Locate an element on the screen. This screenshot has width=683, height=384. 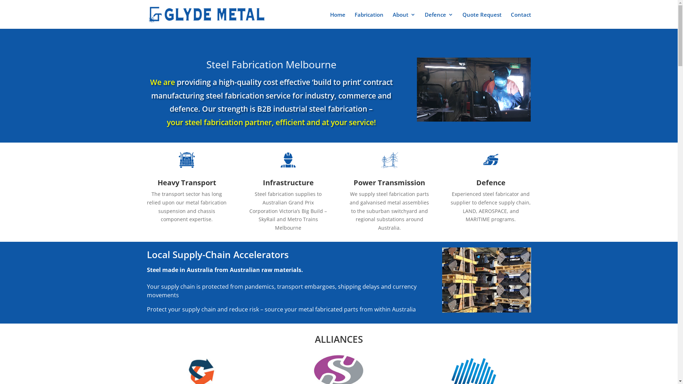
'Defence' is located at coordinates (438, 20).